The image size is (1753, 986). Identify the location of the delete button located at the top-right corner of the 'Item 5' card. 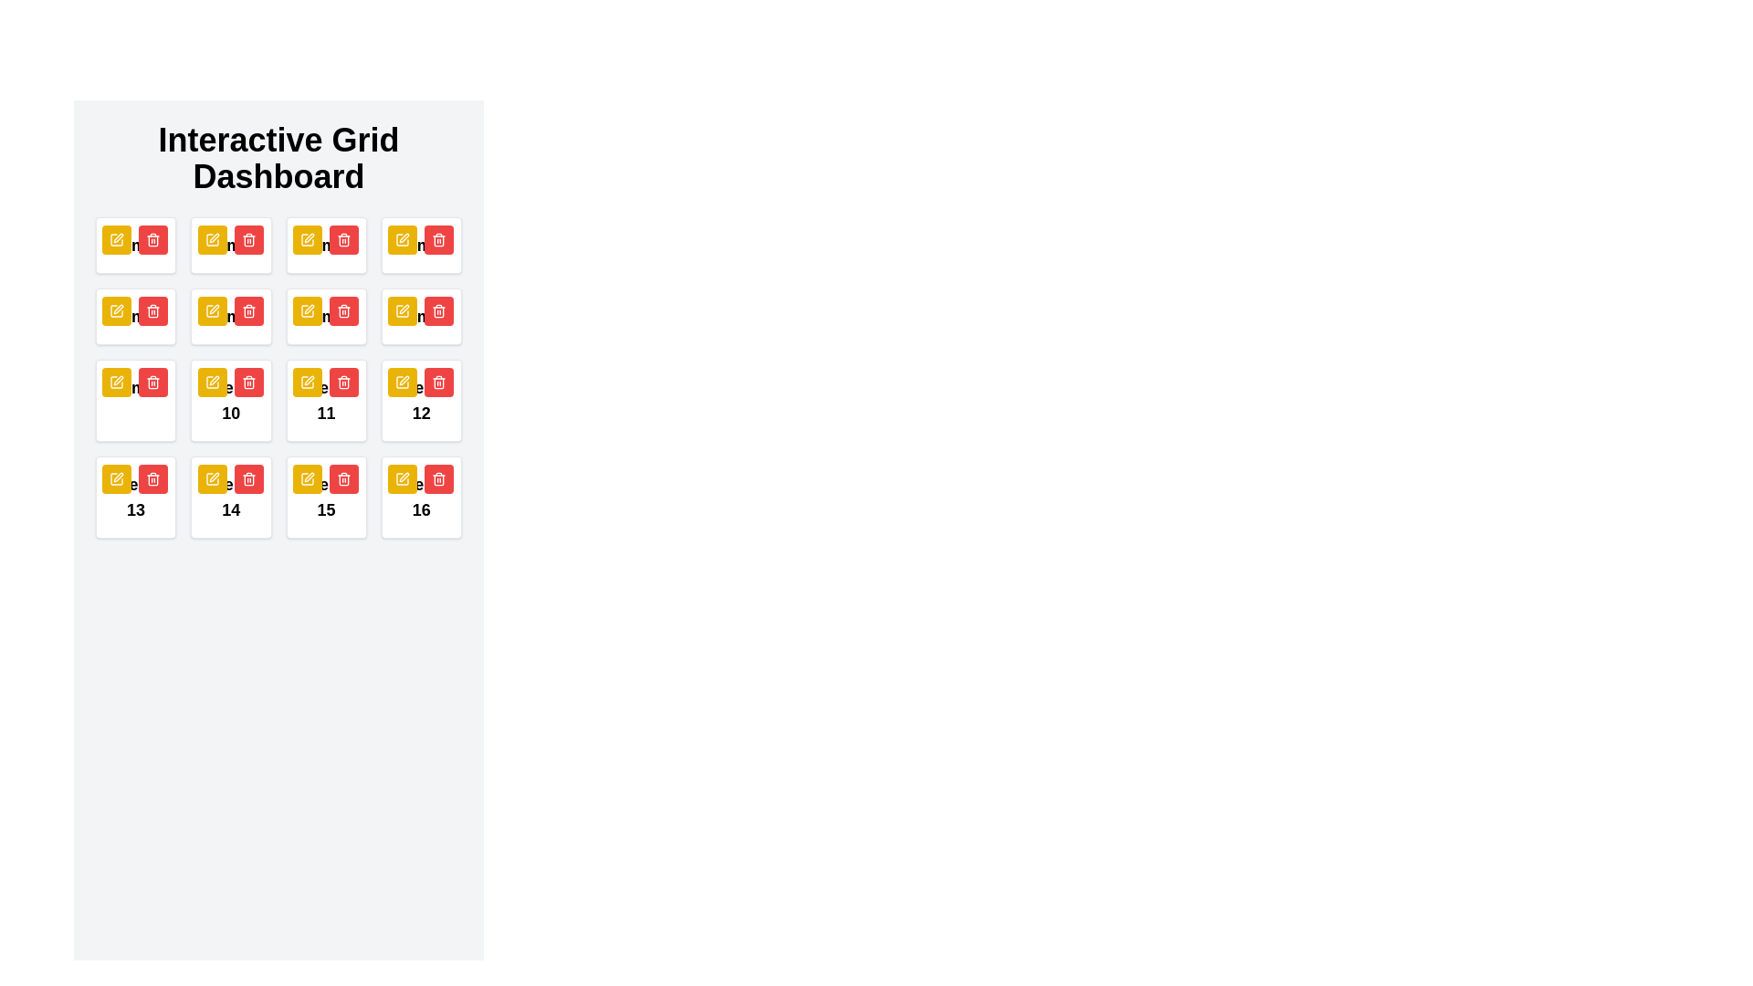
(134, 309).